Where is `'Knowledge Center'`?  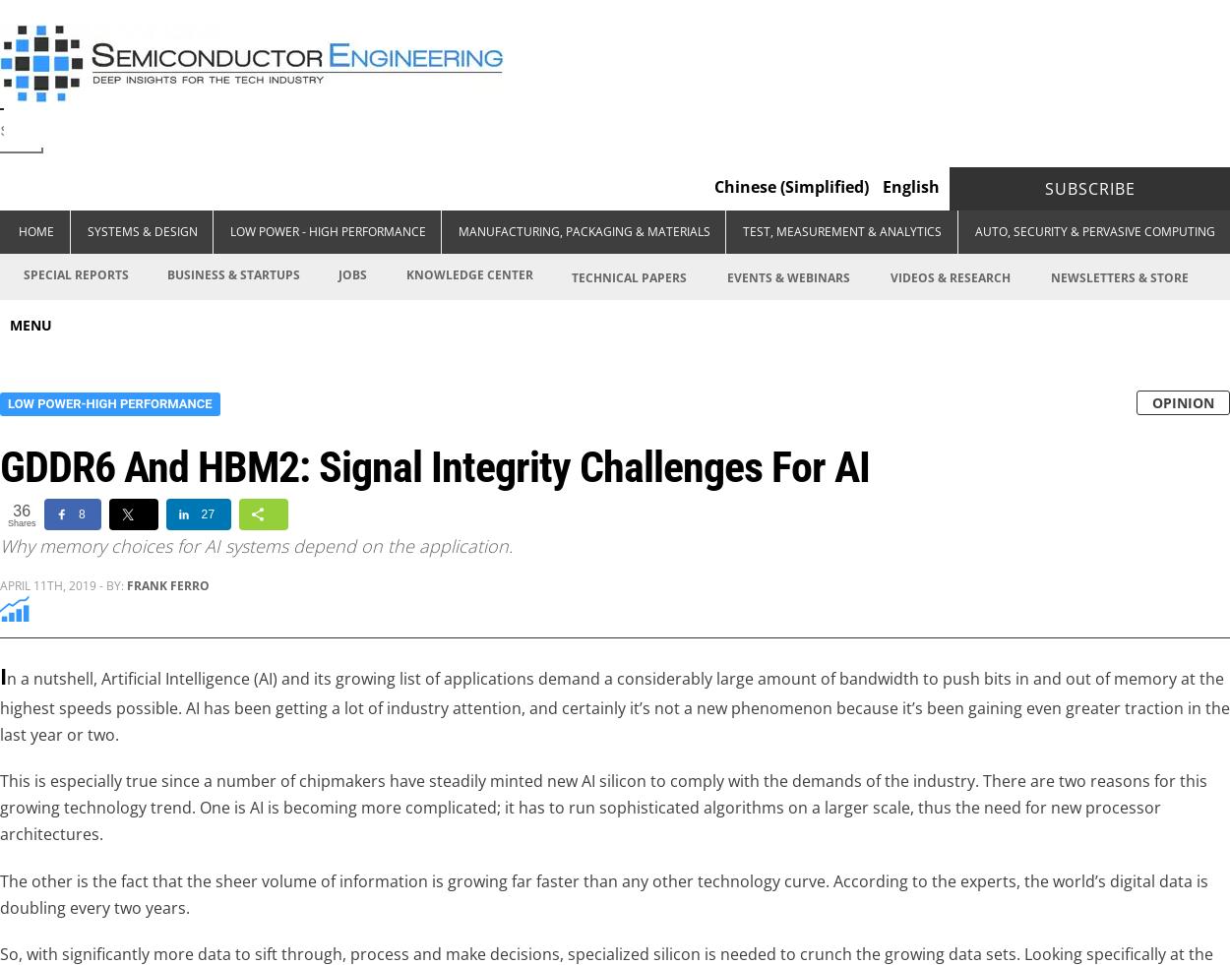
'Knowledge Center' is located at coordinates (467, 273).